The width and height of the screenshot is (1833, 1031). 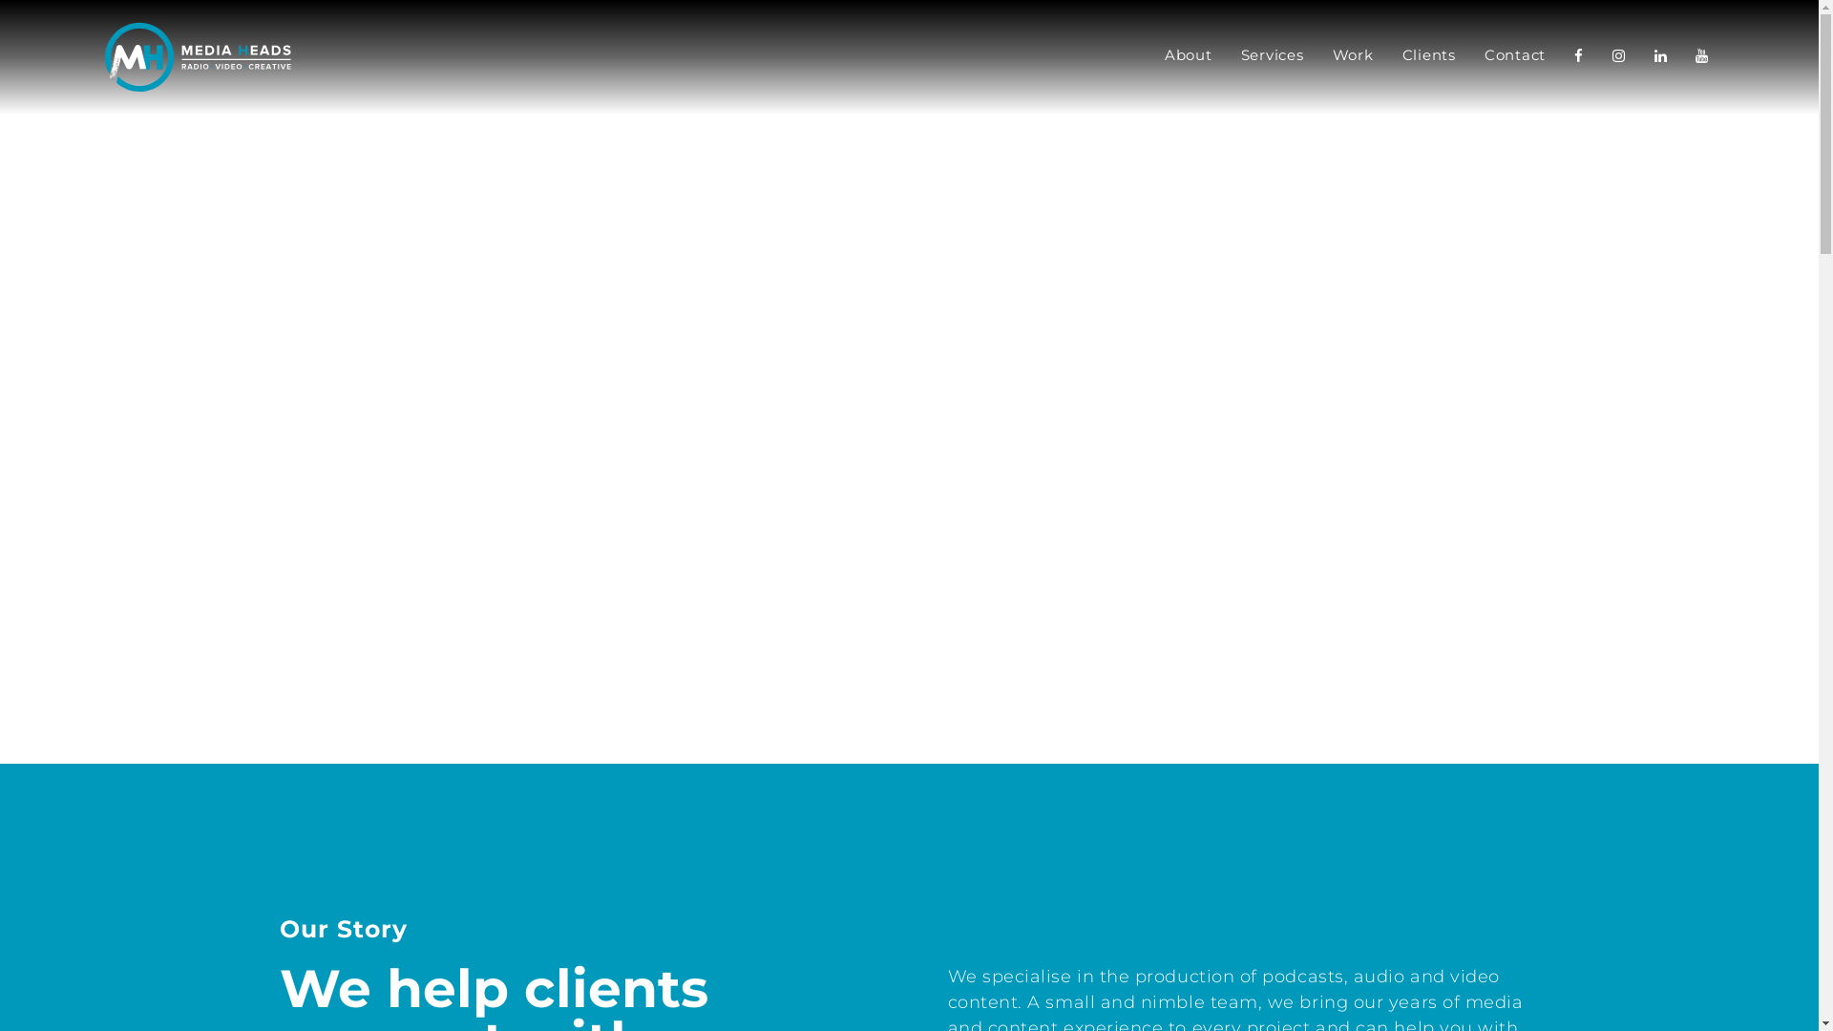 What do you see at coordinates (1187, 56) in the screenshot?
I see `'About'` at bounding box center [1187, 56].